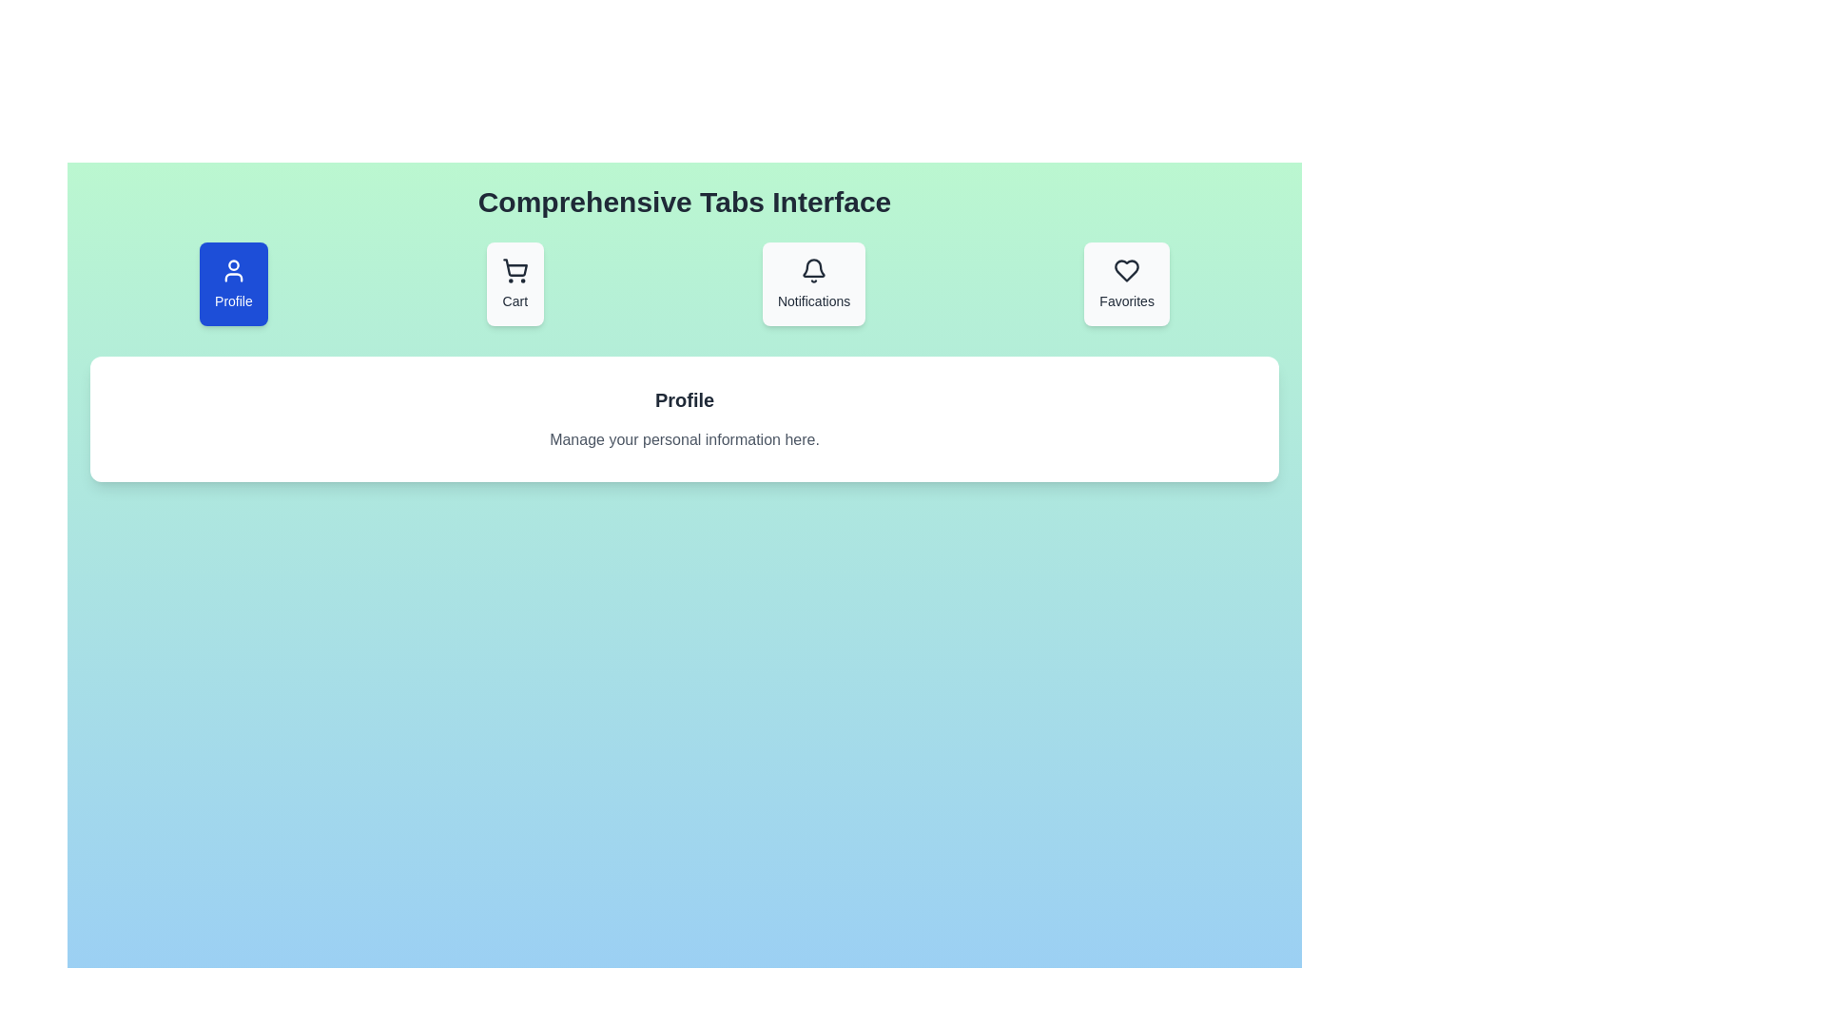 The image size is (1826, 1027). What do you see at coordinates (515, 284) in the screenshot?
I see `the shopping cart button, which is the second button in a horizontal layout` at bounding box center [515, 284].